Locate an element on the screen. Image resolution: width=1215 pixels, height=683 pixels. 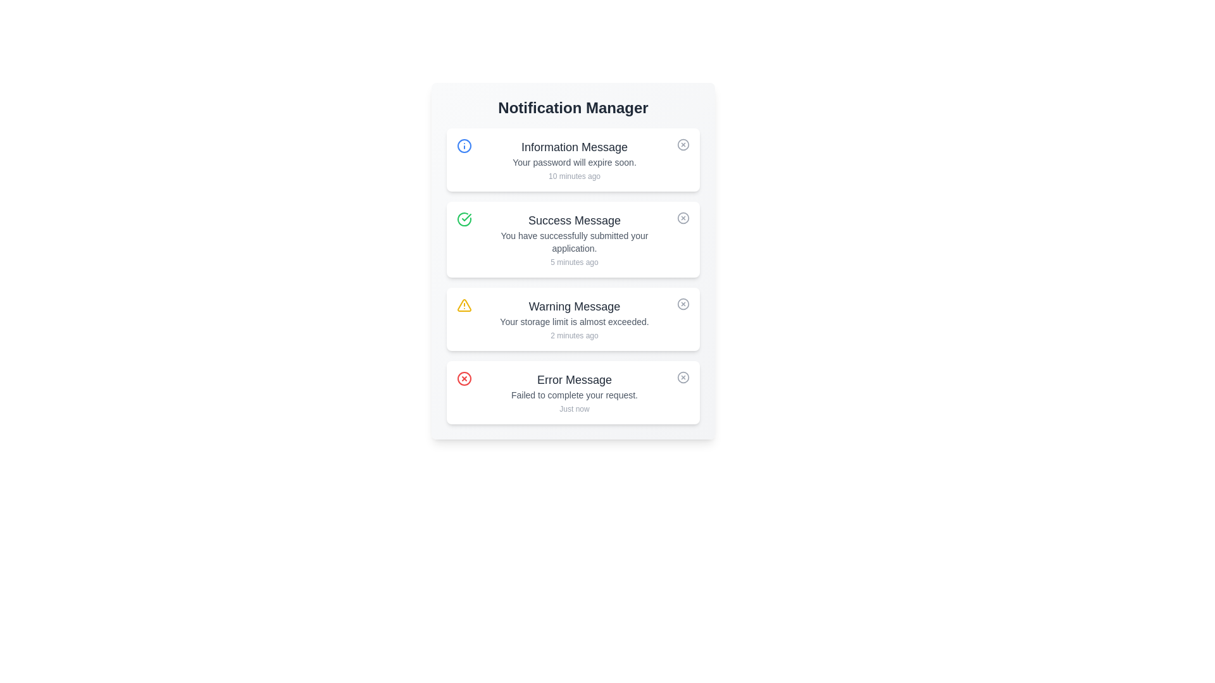
the text label that displays the elapsed time since the related notification was generated, located within the 'Warning Message' notification box is located at coordinates (573, 335).